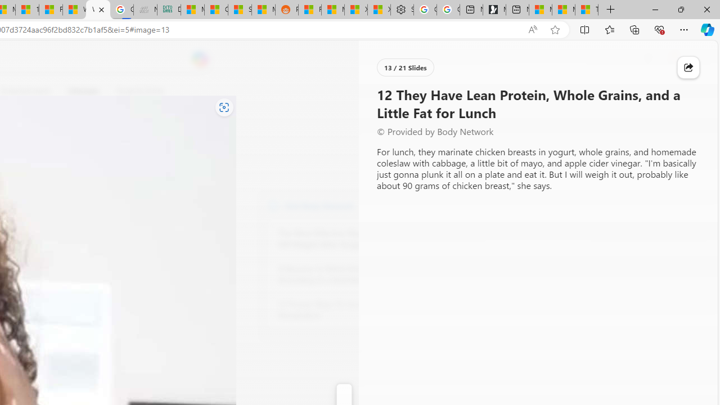 The image size is (720, 405). Describe the element at coordinates (586, 10) in the screenshot. I see `'These 3 Stocks Pay You More Than 5% to Own Them'` at that location.